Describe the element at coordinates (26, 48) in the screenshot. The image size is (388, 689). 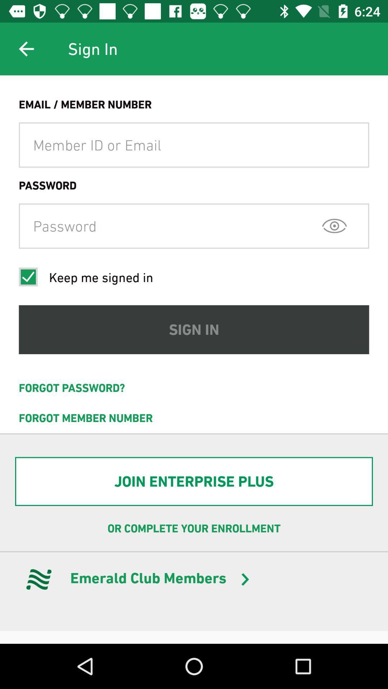
I see `icon to the left of the sign in` at that location.